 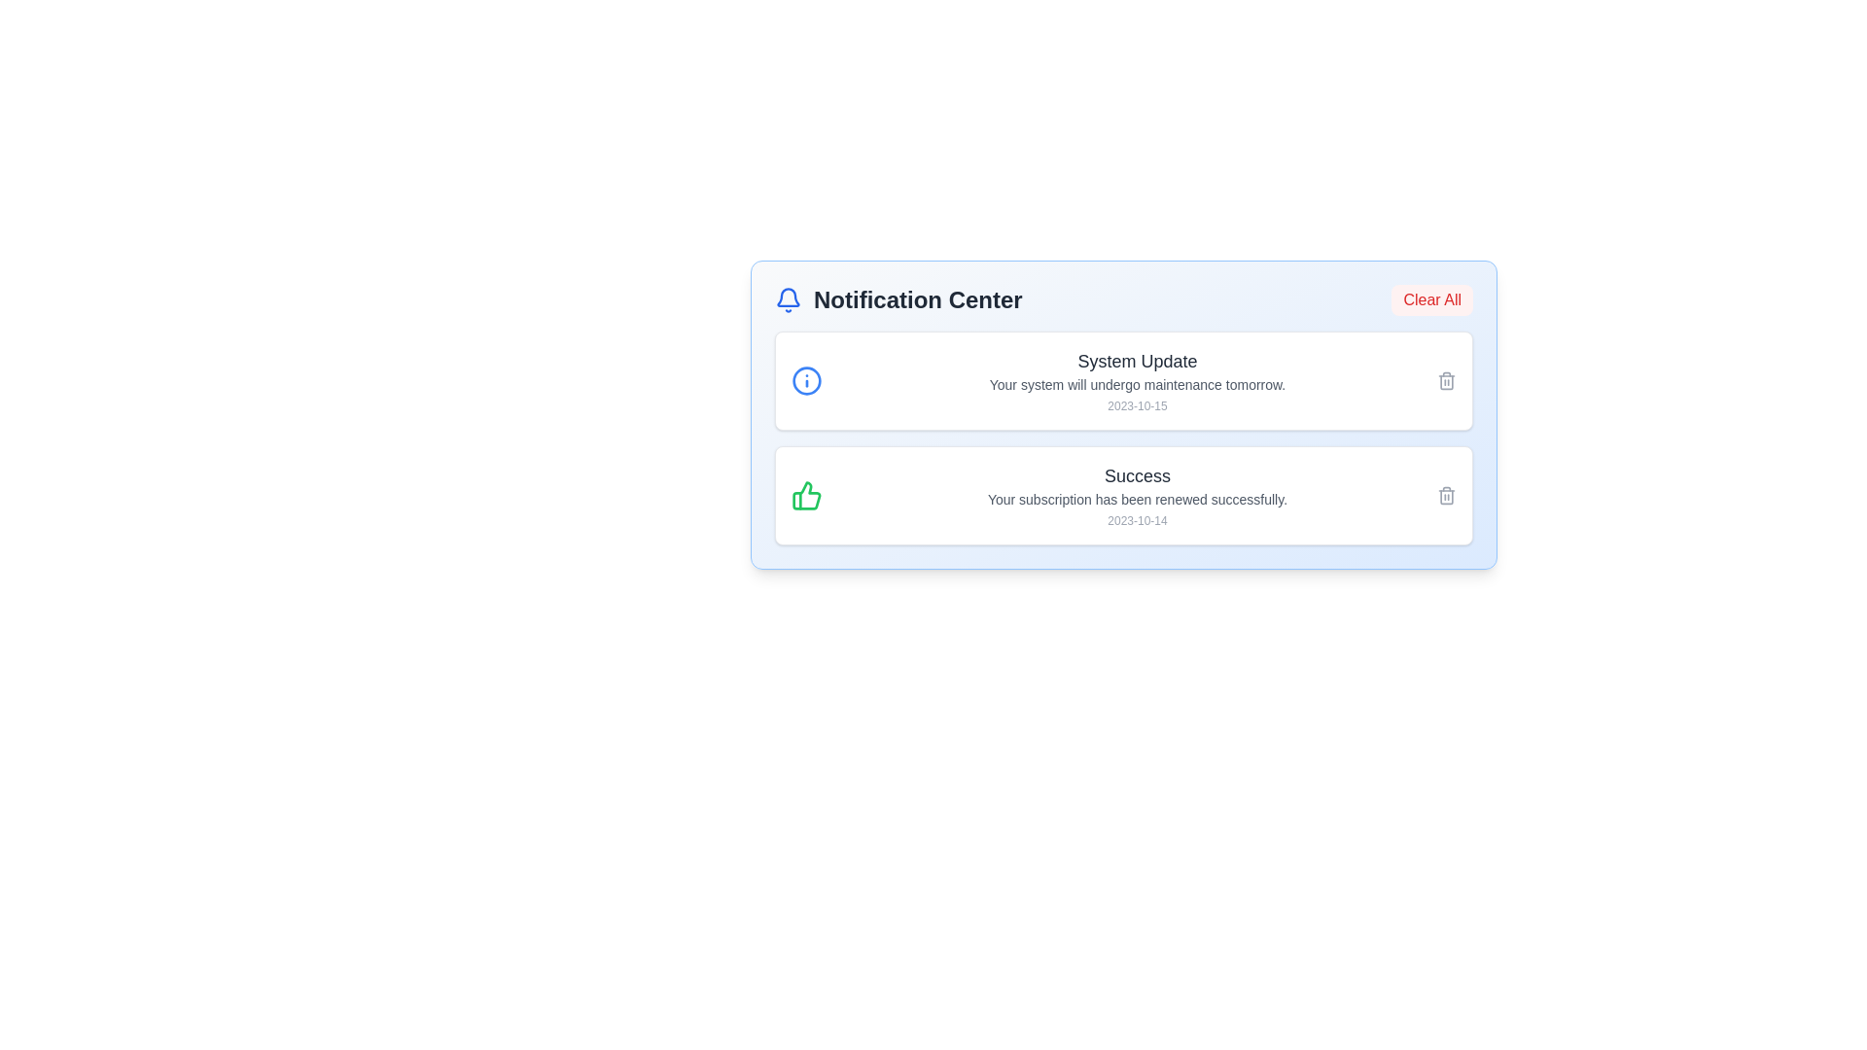 What do you see at coordinates (1447, 381) in the screenshot?
I see `the trash icon button located at the far-right side of the 'System Update' notification card to change its color` at bounding box center [1447, 381].